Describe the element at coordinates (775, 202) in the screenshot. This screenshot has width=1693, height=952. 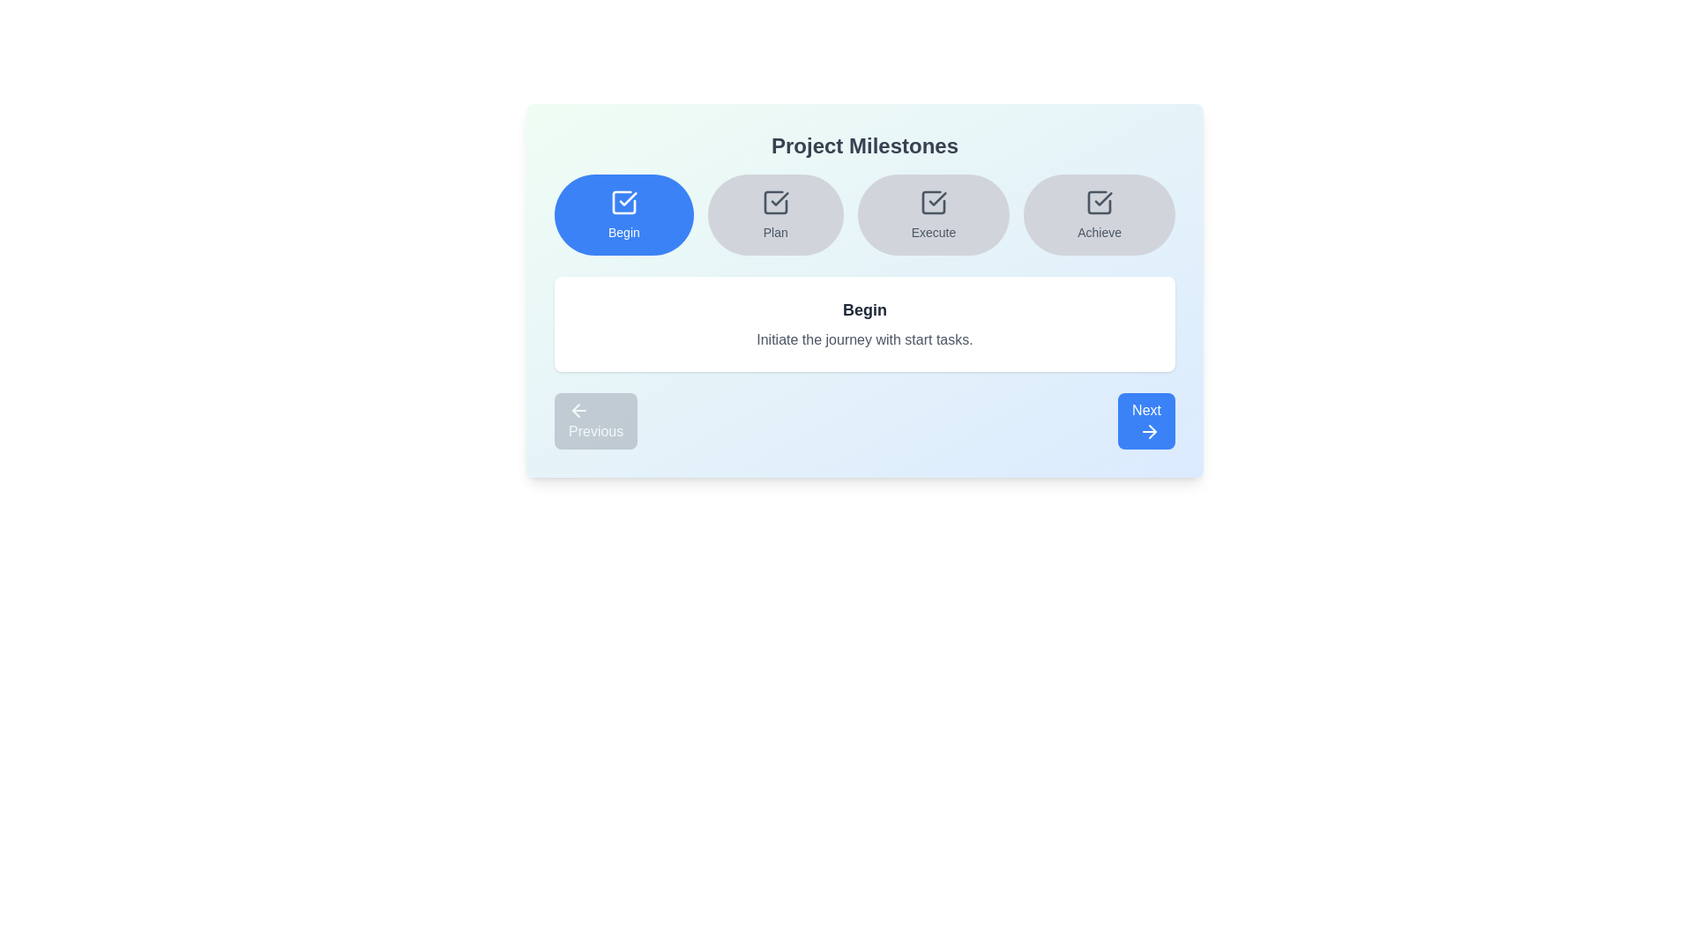
I see `the curved corner square outline of the 'Plan' milestone button in the milestone progression UI` at that location.